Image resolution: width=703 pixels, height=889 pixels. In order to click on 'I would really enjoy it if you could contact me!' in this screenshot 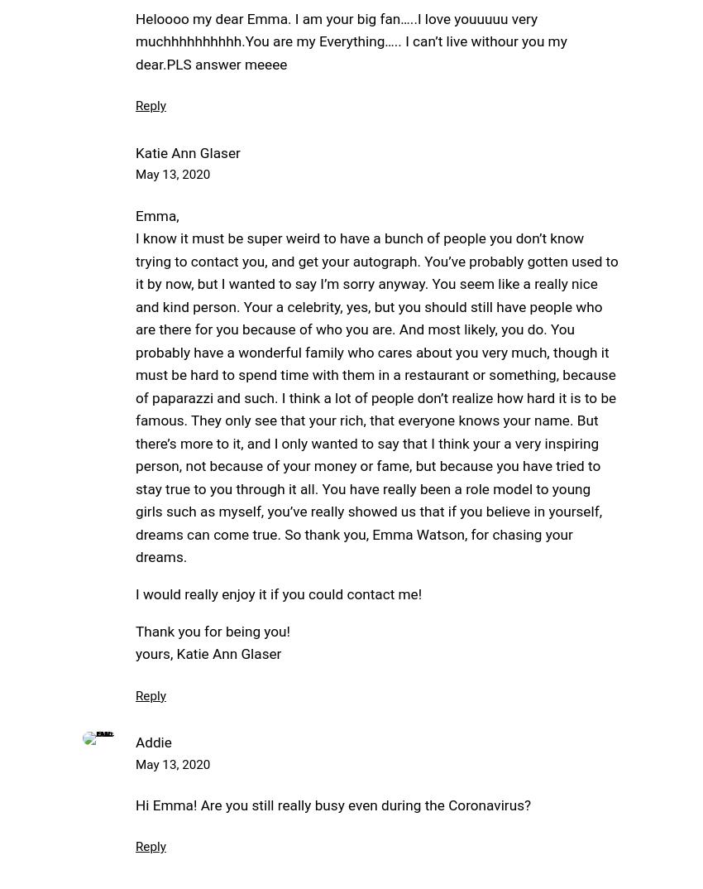, I will do `click(279, 593)`.